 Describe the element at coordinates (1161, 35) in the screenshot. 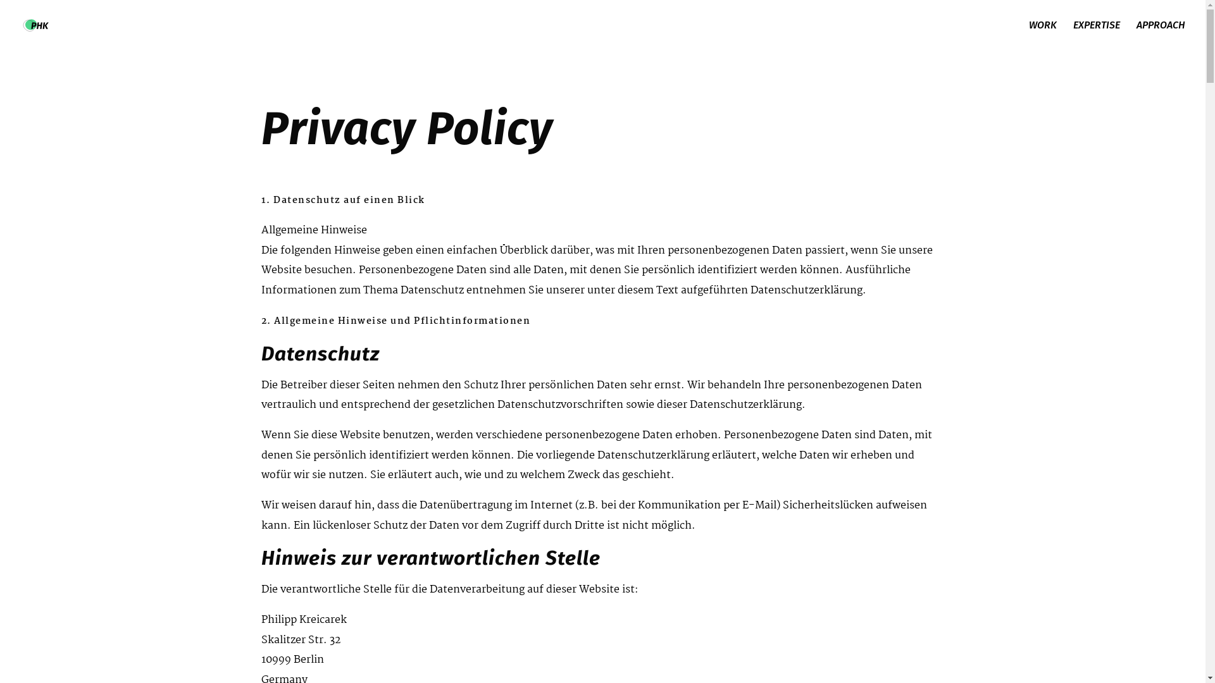

I see `'APPROACH'` at that location.